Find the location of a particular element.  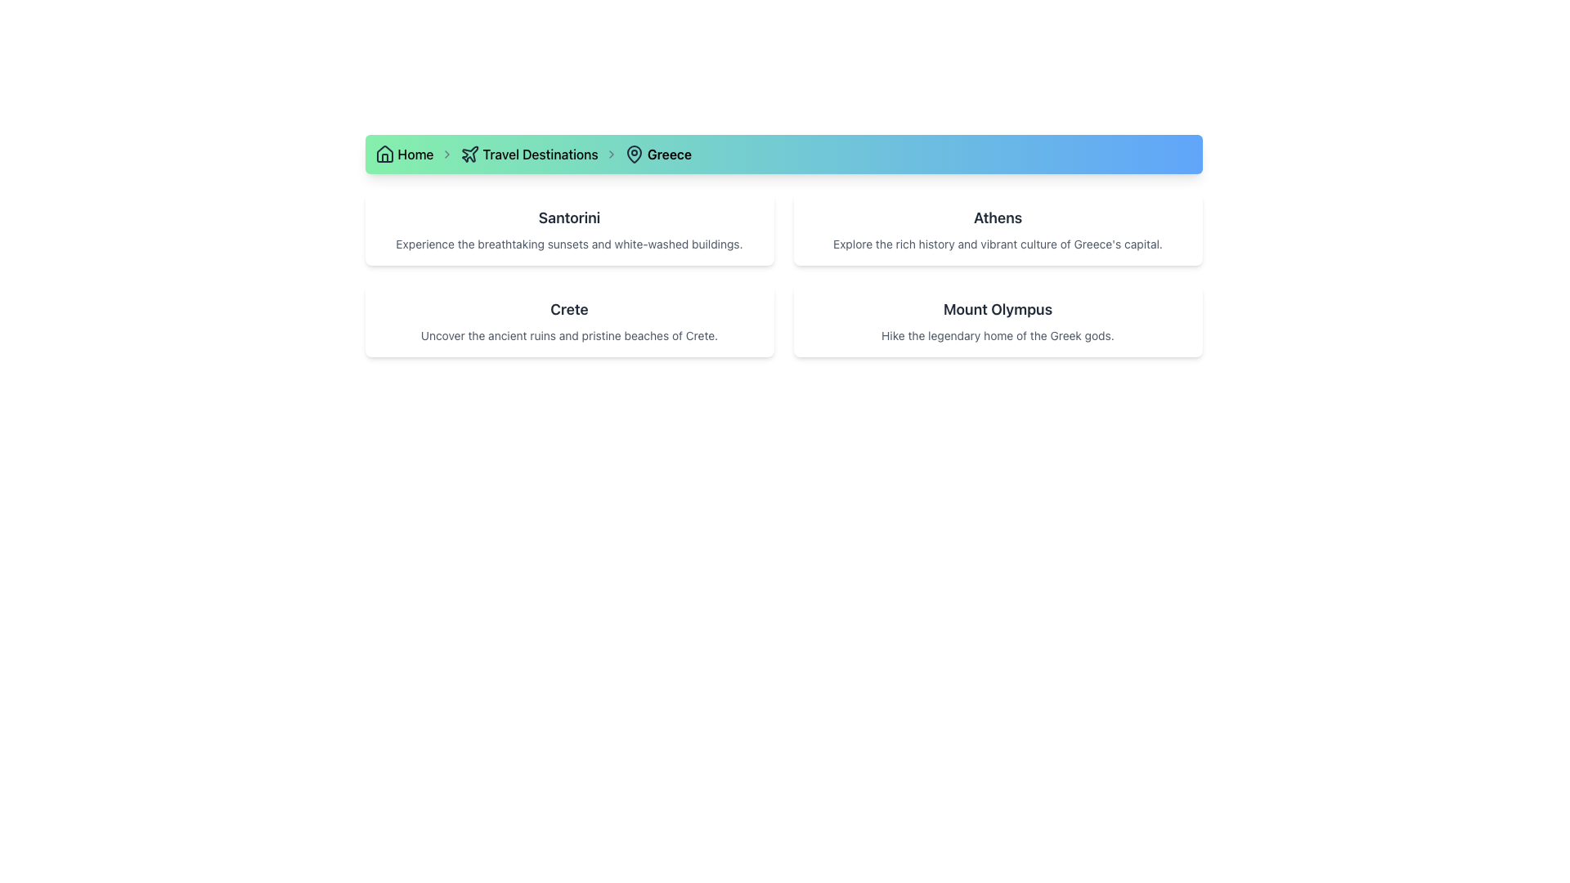

the descriptive text about Athens located directly below the heading 'Athens' in the top-right card section of the interface is located at coordinates (997, 244).